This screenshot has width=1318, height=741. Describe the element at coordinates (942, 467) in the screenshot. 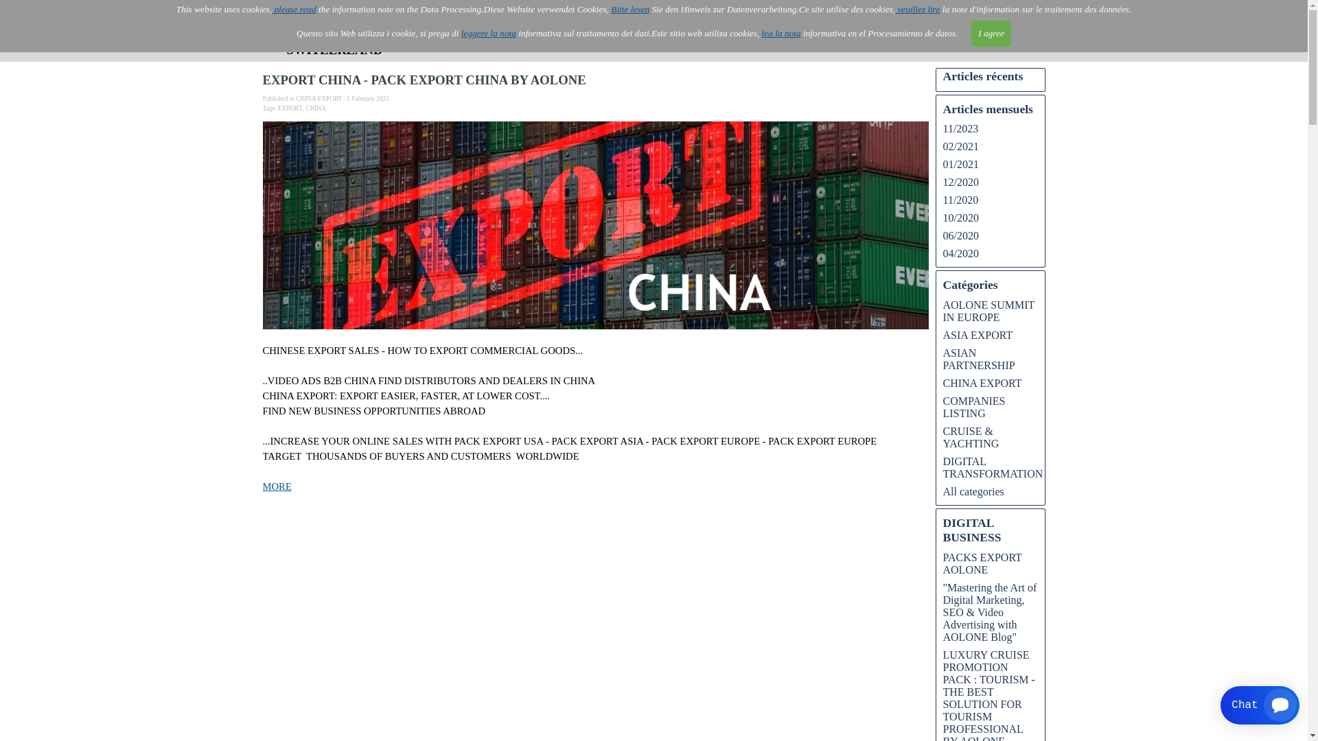

I see `'DIGITAL TRANSFORMATION'` at that location.